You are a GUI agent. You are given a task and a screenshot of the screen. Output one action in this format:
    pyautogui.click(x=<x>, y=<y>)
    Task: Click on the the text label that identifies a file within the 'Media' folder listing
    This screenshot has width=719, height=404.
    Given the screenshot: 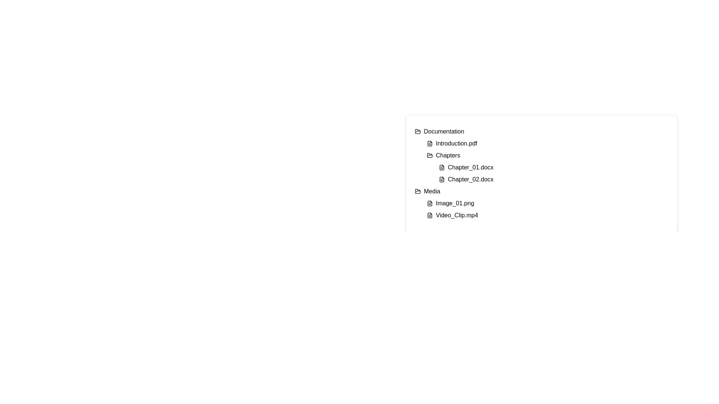 What is the action you would take?
    pyautogui.click(x=455, y=203)
    